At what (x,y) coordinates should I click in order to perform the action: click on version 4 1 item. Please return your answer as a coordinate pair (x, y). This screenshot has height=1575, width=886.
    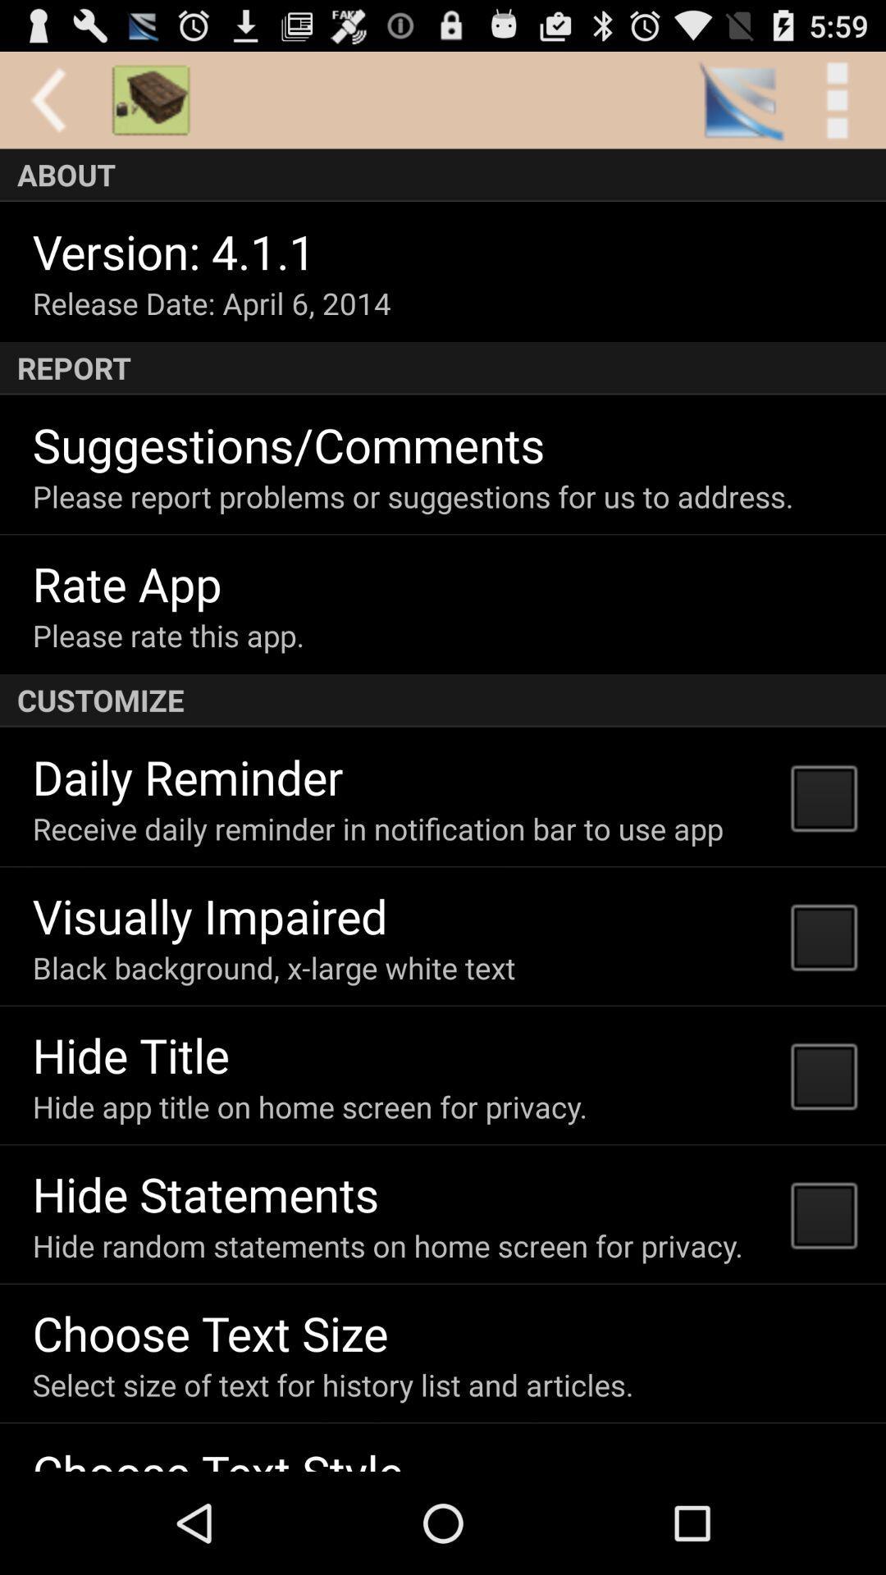
    Looking at the image, I should click on (174, 250).